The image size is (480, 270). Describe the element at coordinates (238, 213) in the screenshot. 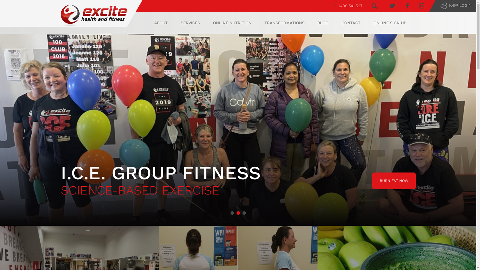

I see `'2'` at that location.